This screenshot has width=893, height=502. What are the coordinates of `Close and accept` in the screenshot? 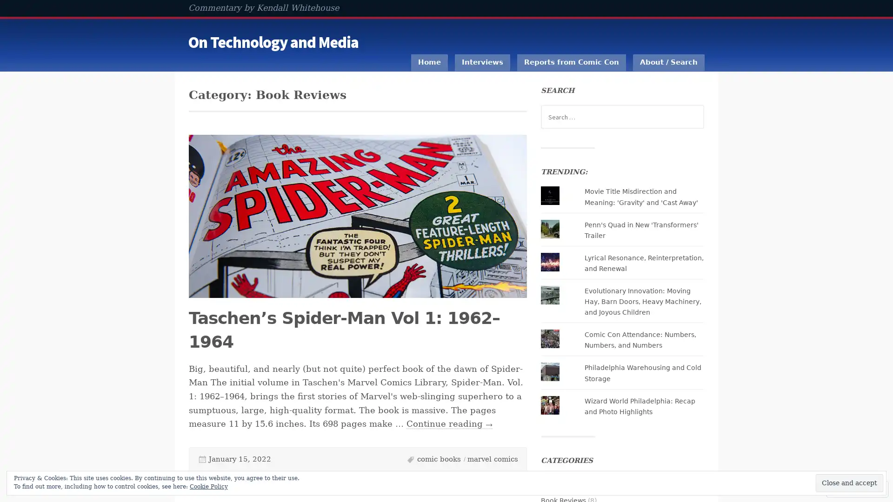 It's located at (849, 482).